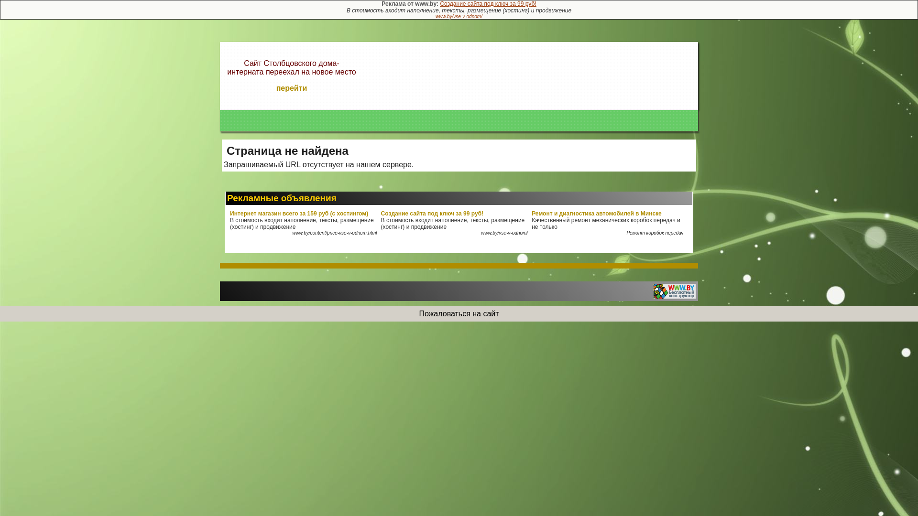 This screenshot has height=516, width=918. I want to click on 'www.by/vse-v-odnom/', so click(435, 16).